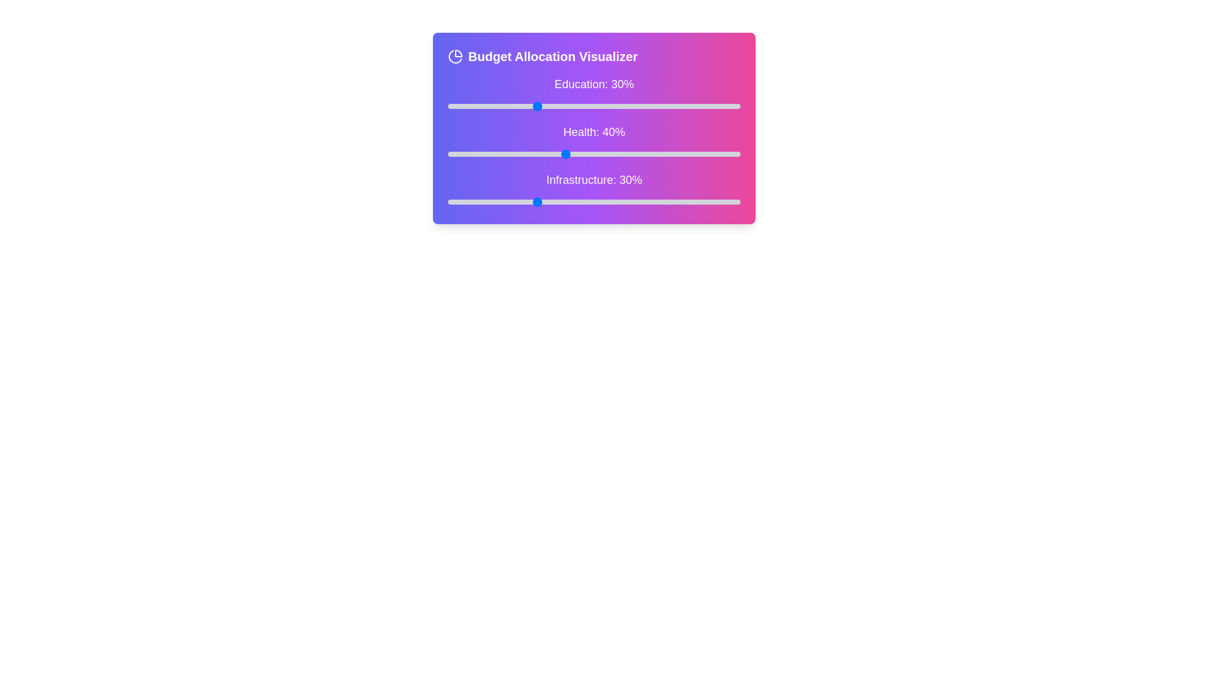 This screenshot has width=1210, height=680. What do you see at coordinates (550, 106) in the screenshot?
I see `the Education budget` at bounding box center [550, 106].